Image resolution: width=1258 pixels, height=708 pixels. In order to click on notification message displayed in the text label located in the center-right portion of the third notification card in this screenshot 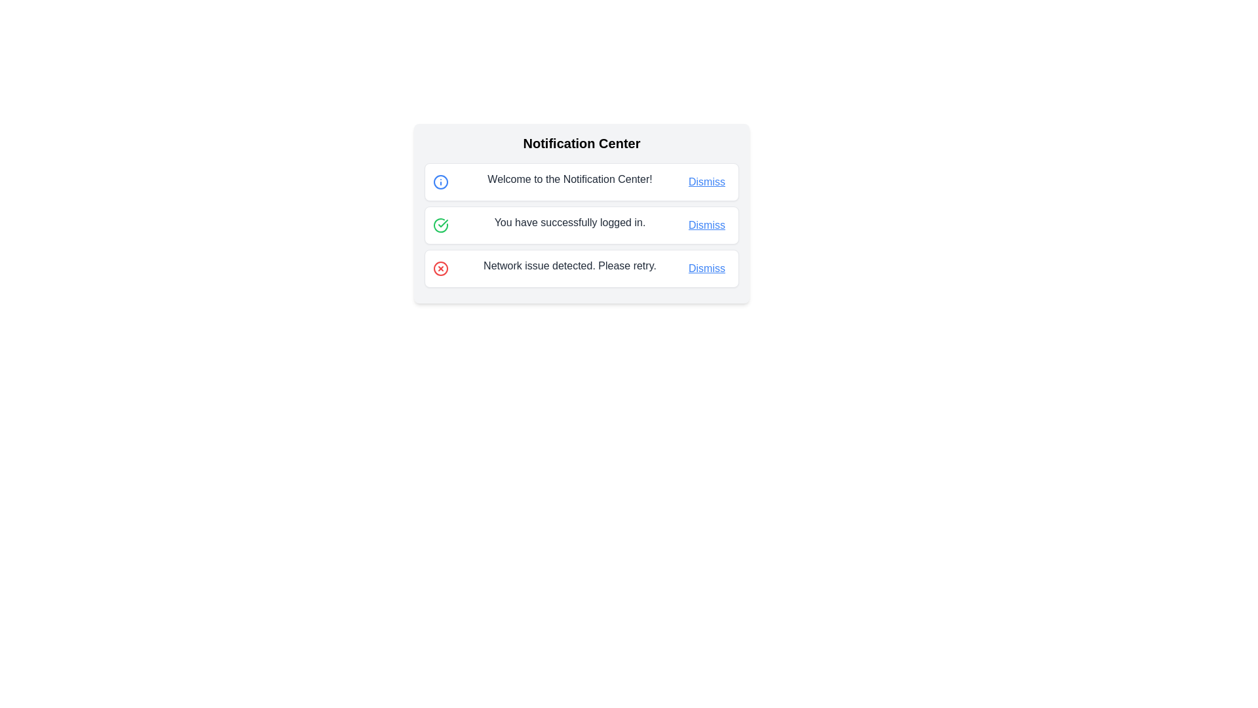, I will do `click(569, 265)`.